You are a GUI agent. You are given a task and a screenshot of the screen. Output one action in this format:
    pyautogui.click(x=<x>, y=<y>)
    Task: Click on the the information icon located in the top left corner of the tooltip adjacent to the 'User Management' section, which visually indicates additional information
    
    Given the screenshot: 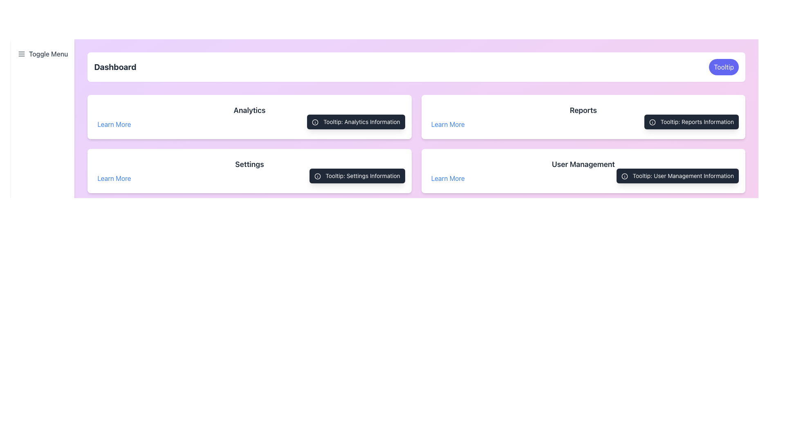 What is the action you would take?
    pyautogui.click(x=624, y=176)
    